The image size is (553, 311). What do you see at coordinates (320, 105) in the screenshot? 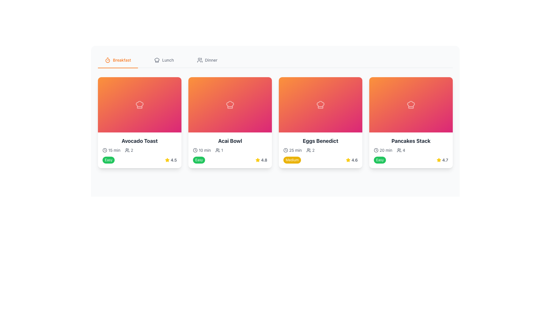
I see `the central chef's hat icon within the 'Eggs Benedict' recipe card, which is the third card in a horizontal set of four cards, prominently displayed against a gradient orange-red background` at bounding box center [320, 105].